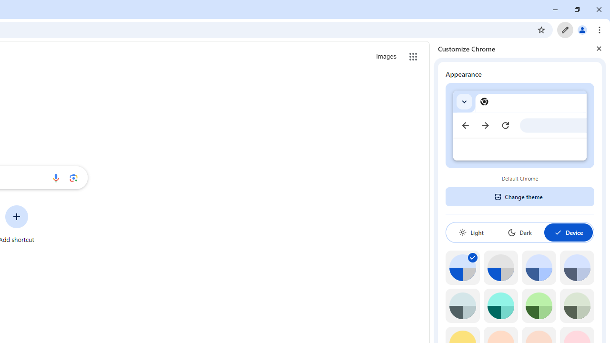 The width and height of the screenshot is (610, 343). Describe the element at coordinates (576, 268) in the screenshot. I see `'Cool grey'` at that location.